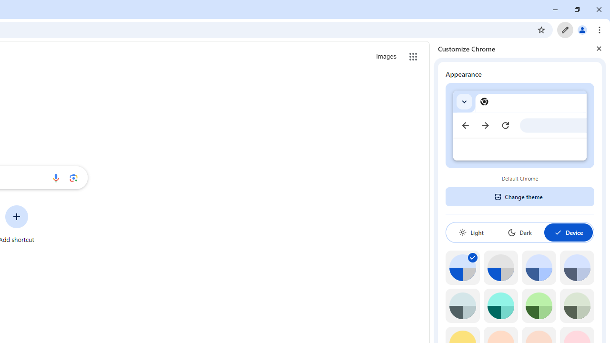 The width and height of the screenshot is (610, 343). Describe the element at coordinates (576, 268) in the screenshot. I see `'Cool grey'` at that location.